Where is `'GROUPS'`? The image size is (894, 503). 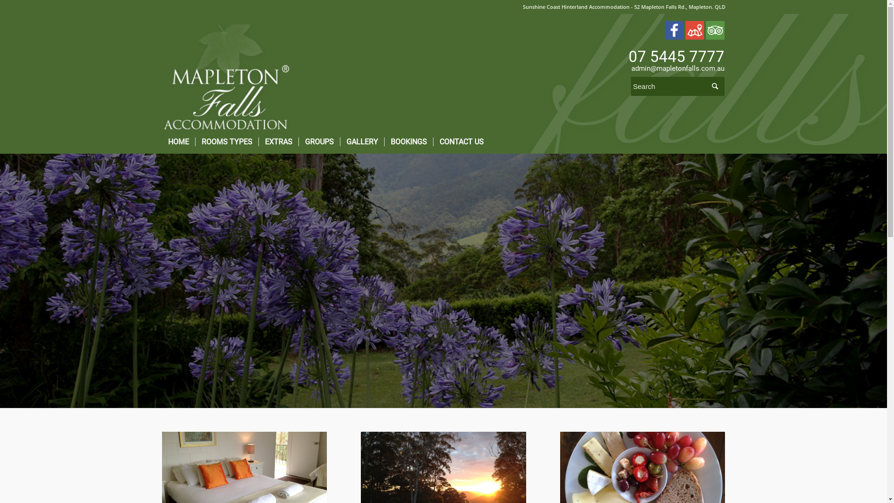 'GROUPS' is located at coordinates (318, 142).